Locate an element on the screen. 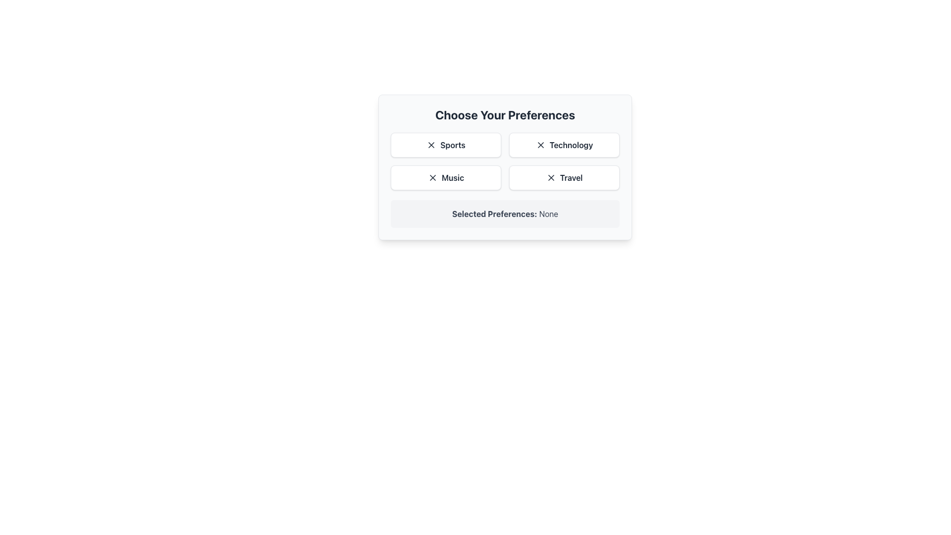 The width and height of the screenshot is (951, 535). the 'Travel' text label within the preference selection interface located at the bottom-right of the dialog titled 'Choose Your Preferences' is located at coordinates (571, 177).